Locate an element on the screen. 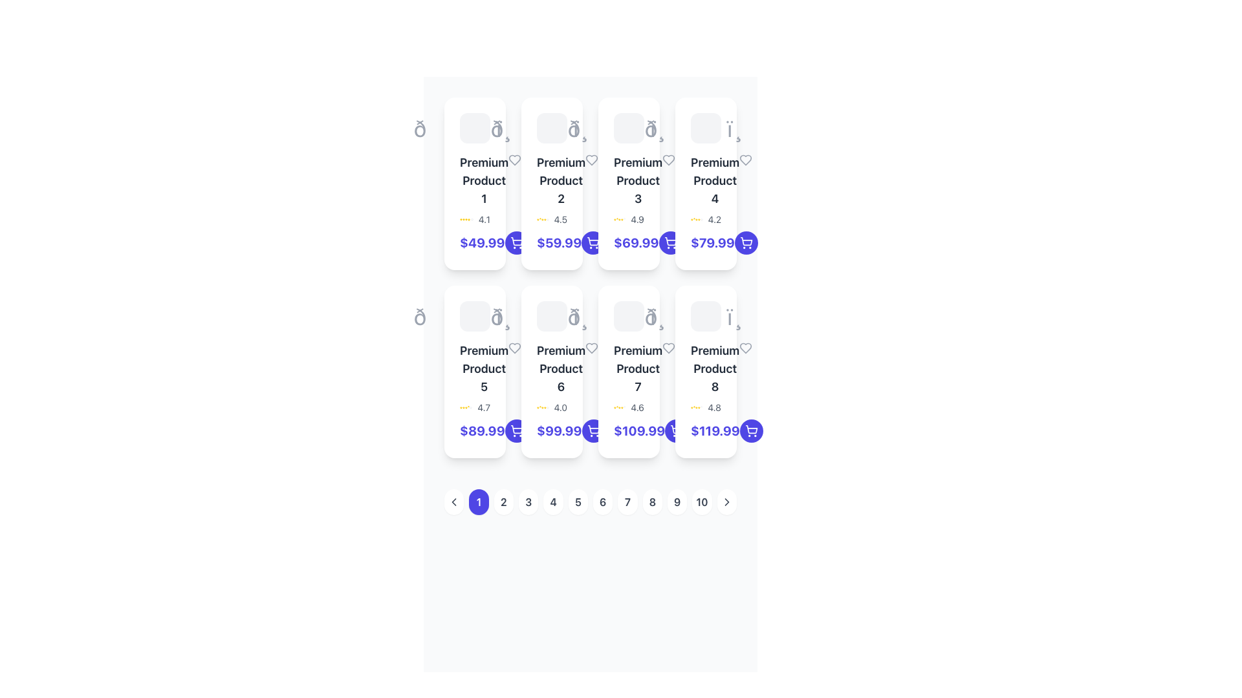 This screenshot has height=698, width=1242. the Rating display for 'Premium Product 5' to interact with the rating system is located at coordinates (474, 408).